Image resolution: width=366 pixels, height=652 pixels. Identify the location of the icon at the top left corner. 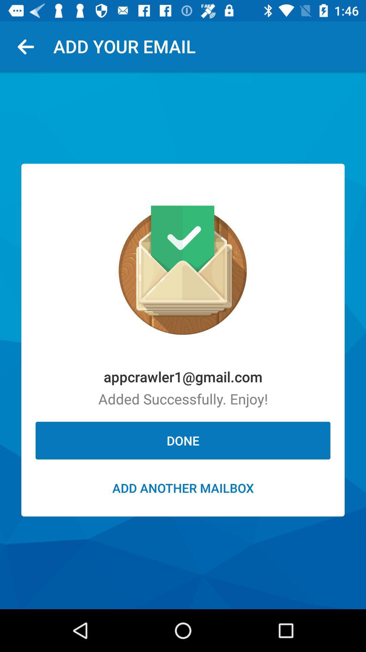
(28, 46).